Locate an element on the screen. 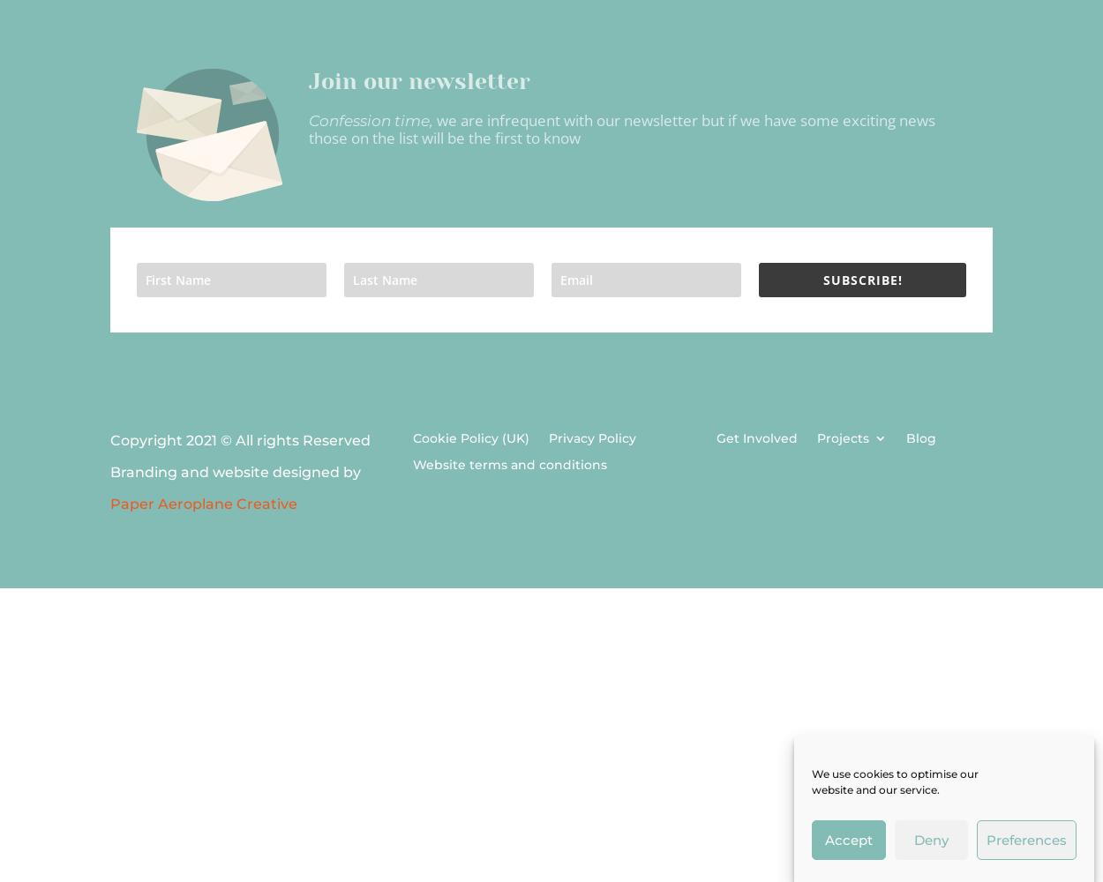 The width and height of the screenshot is (1103, 882). 'Wombles' is located at coordinates (871, 559).